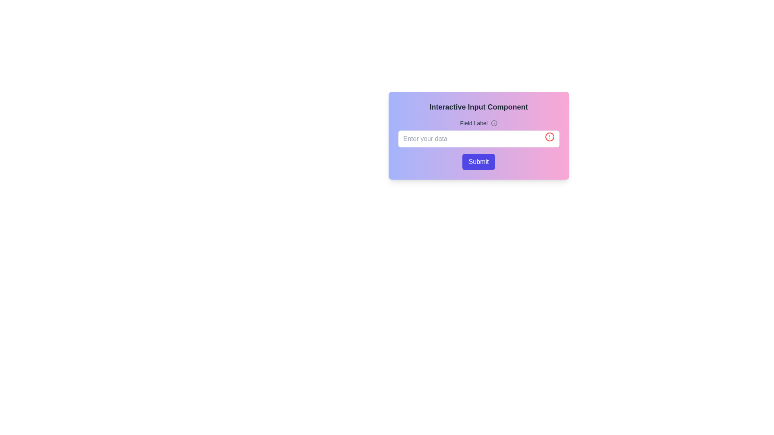 The height and width of the screenshot is (435, 774). I want to click on the informational icon next to the 'Field Label' text, which is represented by a small 'Info' icon styled in light gray color, so click(479, 123).